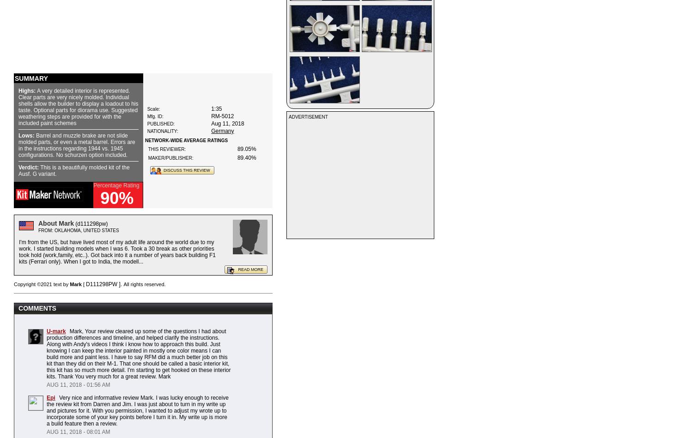  Describe the element at coordinates (90, 223) in the screenshot. I see `'(d111298pw)'` at that location.